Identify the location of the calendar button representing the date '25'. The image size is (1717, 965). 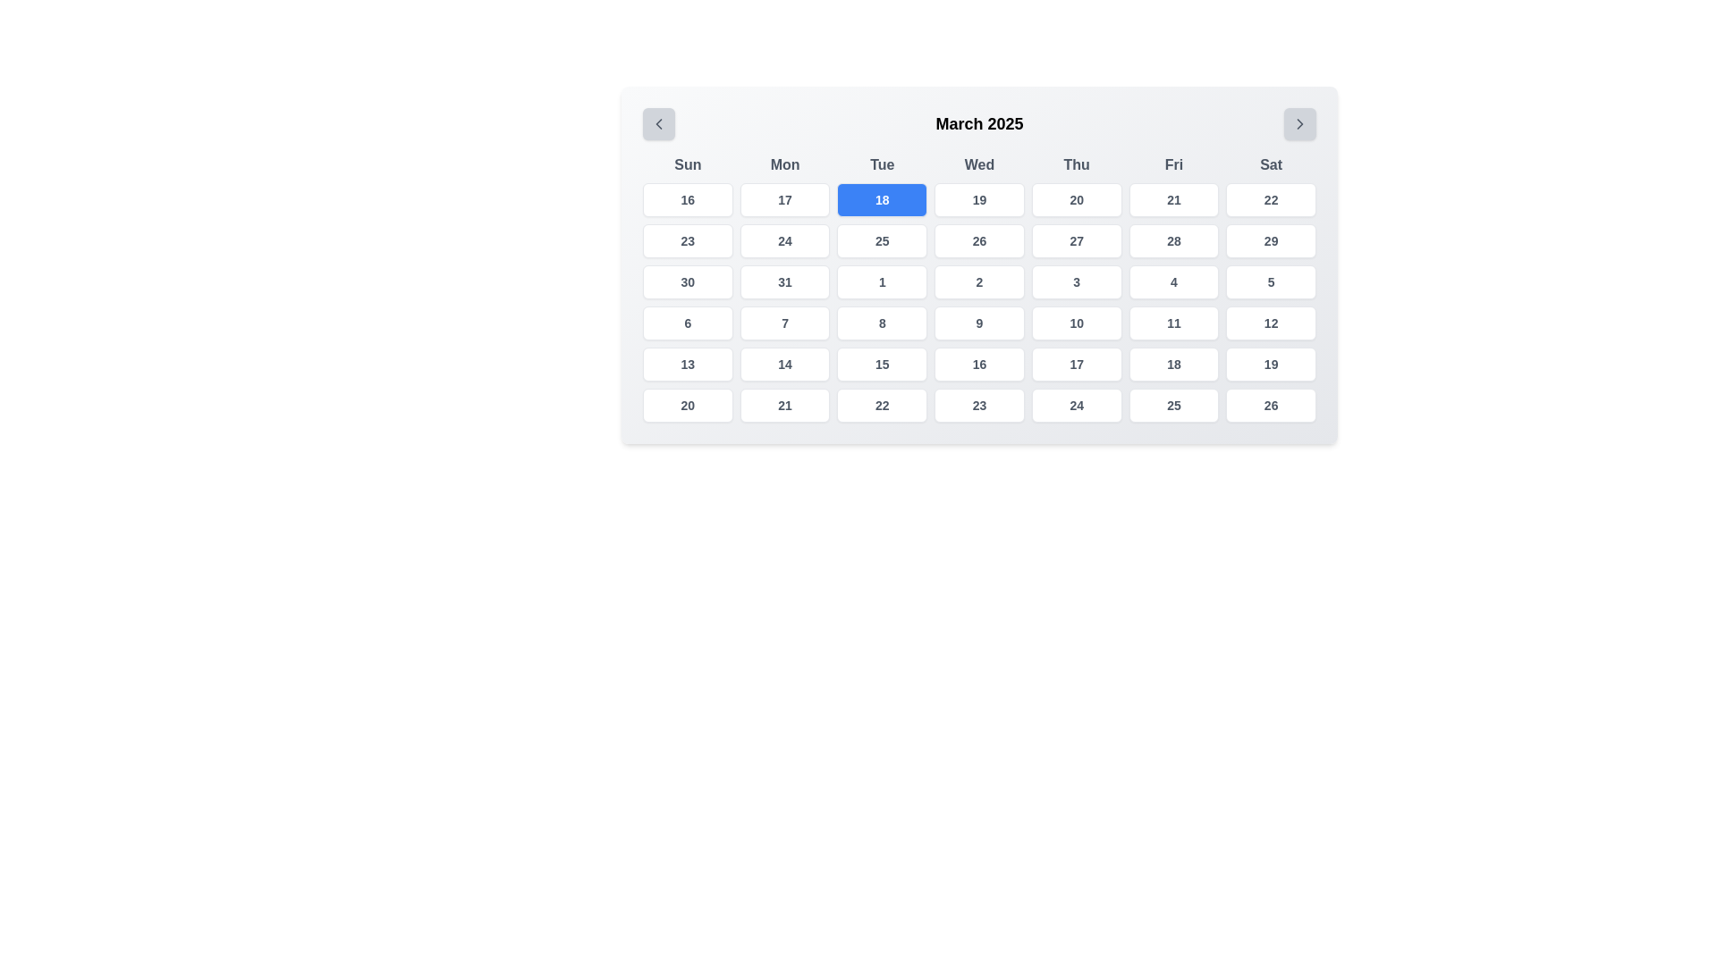
(882, 241).